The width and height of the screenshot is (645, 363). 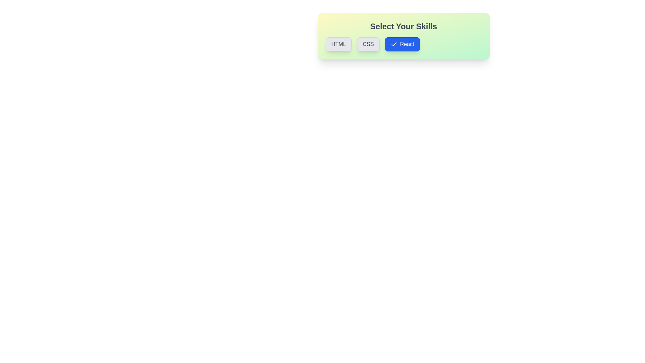 What do you see at coordinates (368, 44) in the screenshot?
I see `the skill CSS by clicking its respective button` at bounding box center [368, 44].